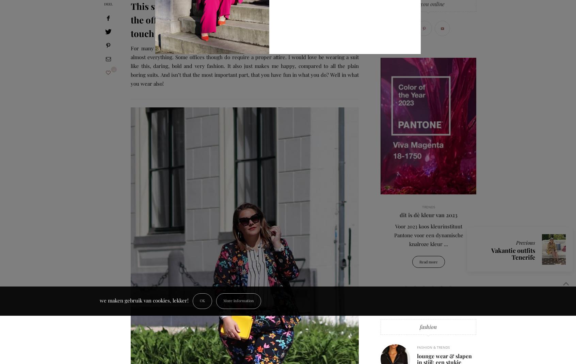 The height and width of the screenshot is (364, 576). I want to click on 'MOM & KID', so click(494, 207).